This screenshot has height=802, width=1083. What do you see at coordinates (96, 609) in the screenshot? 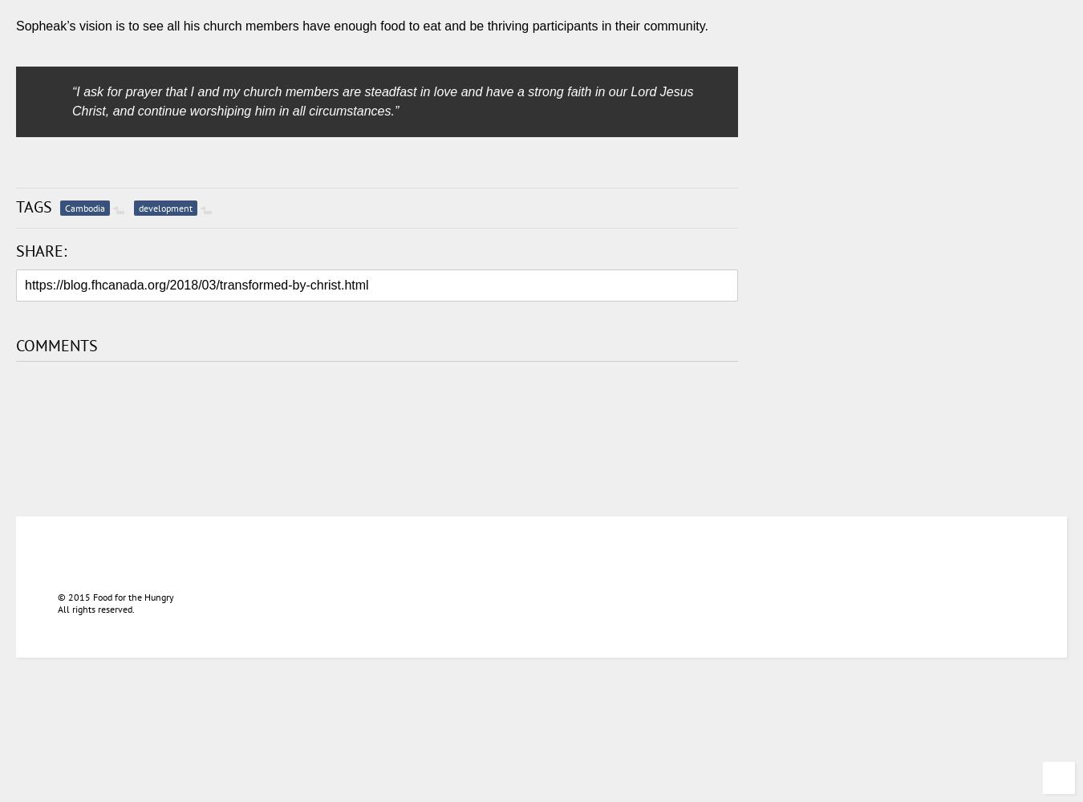
I see `'All rights reserved.'` at bounding box center [96, 609].